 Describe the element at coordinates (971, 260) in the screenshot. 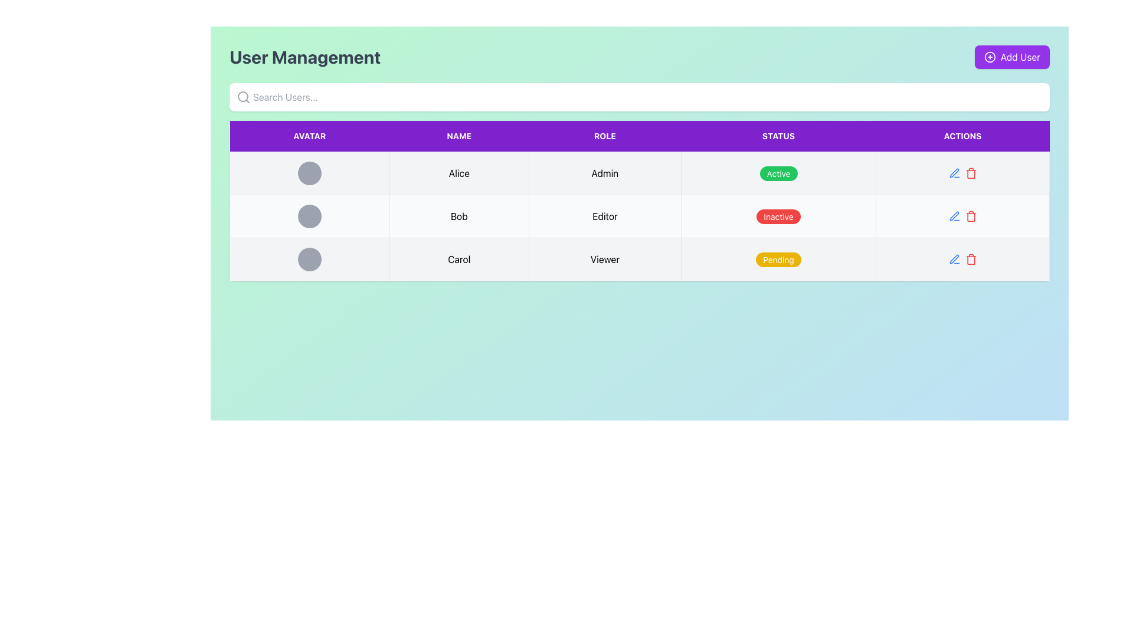

I see `the trash can icon component located in the Actions column of the user management table for accessibility navigation` at that location.